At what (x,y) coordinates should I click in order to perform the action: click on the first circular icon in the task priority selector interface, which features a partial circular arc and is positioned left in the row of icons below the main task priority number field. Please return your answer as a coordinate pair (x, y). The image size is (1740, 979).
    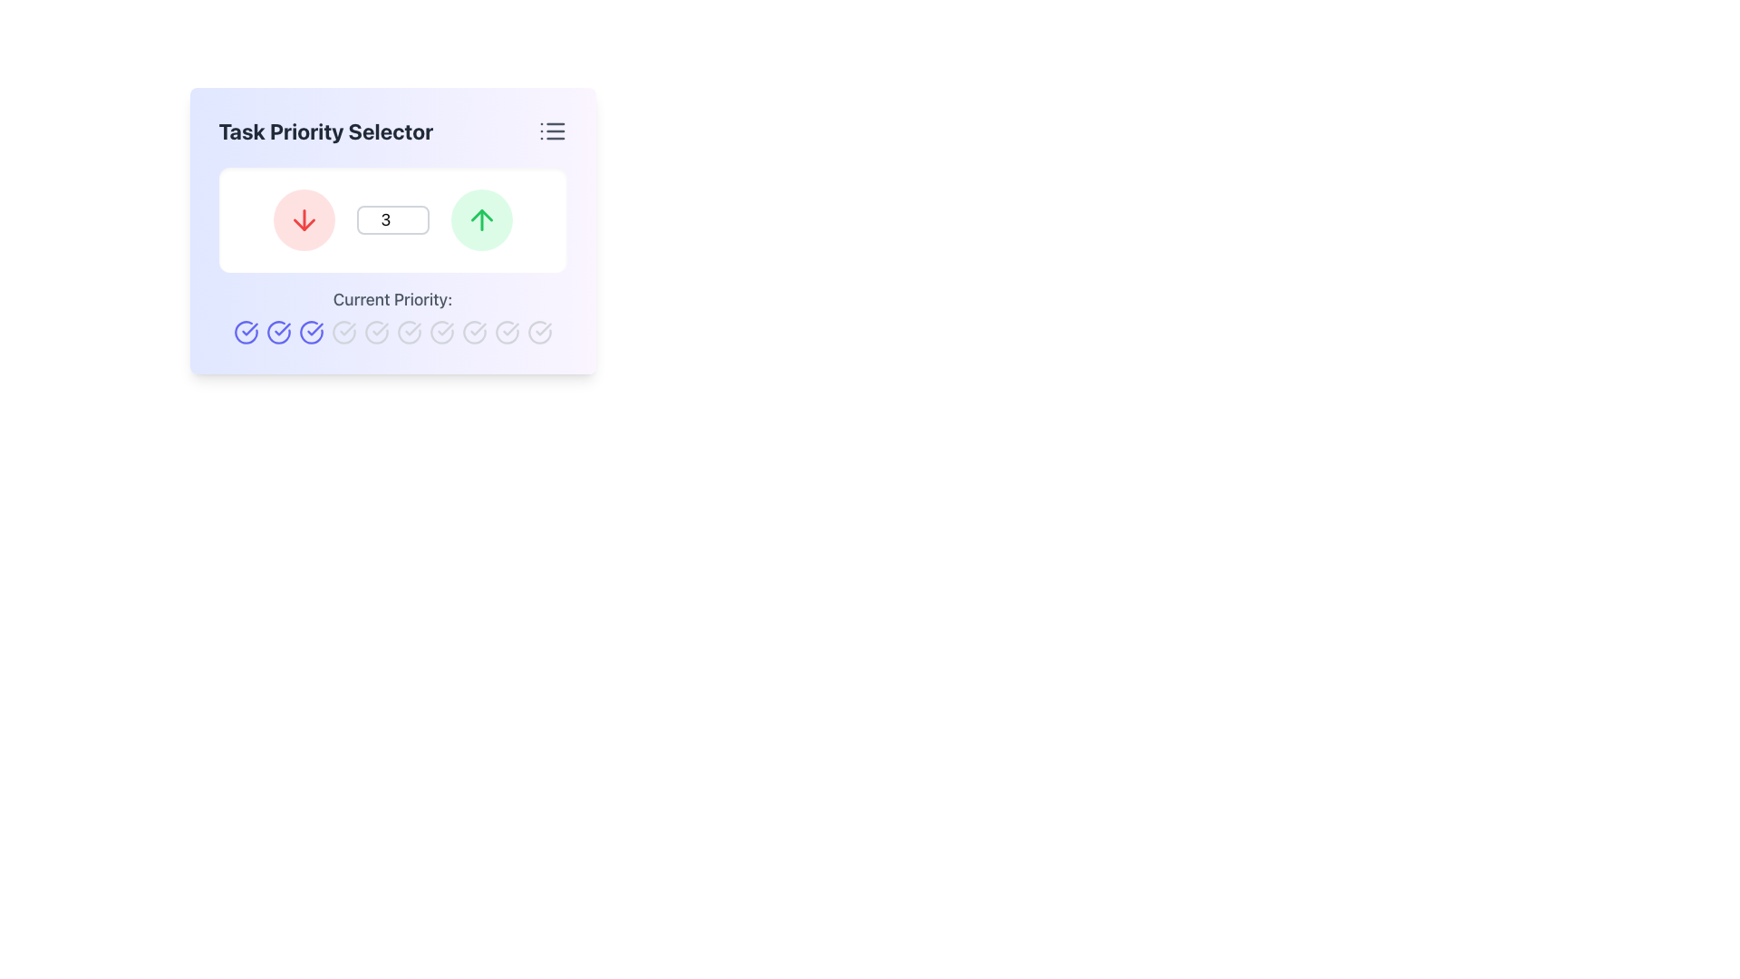
    Looking at the image, I should click on (245, 332).